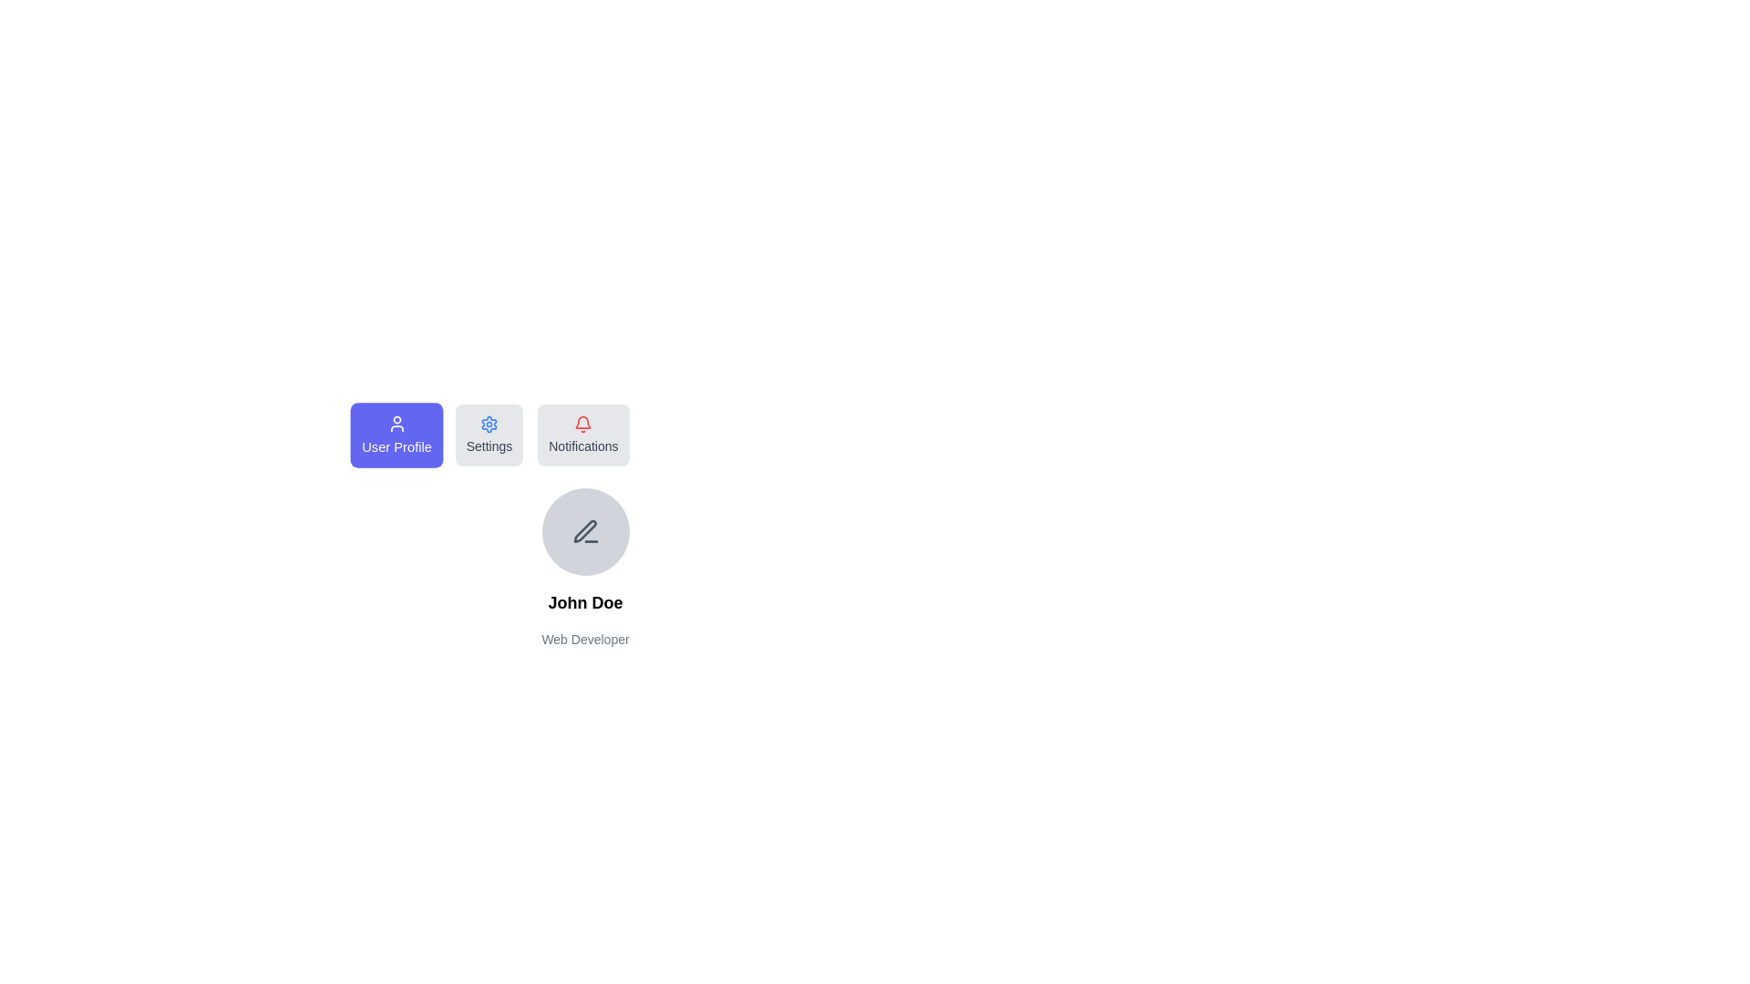  I want to click on the profile avatar placeholder with edit icon, so click(585, 527).